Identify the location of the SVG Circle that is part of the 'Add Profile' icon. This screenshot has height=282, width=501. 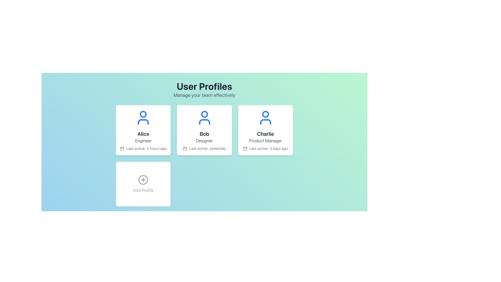
(143, 180).